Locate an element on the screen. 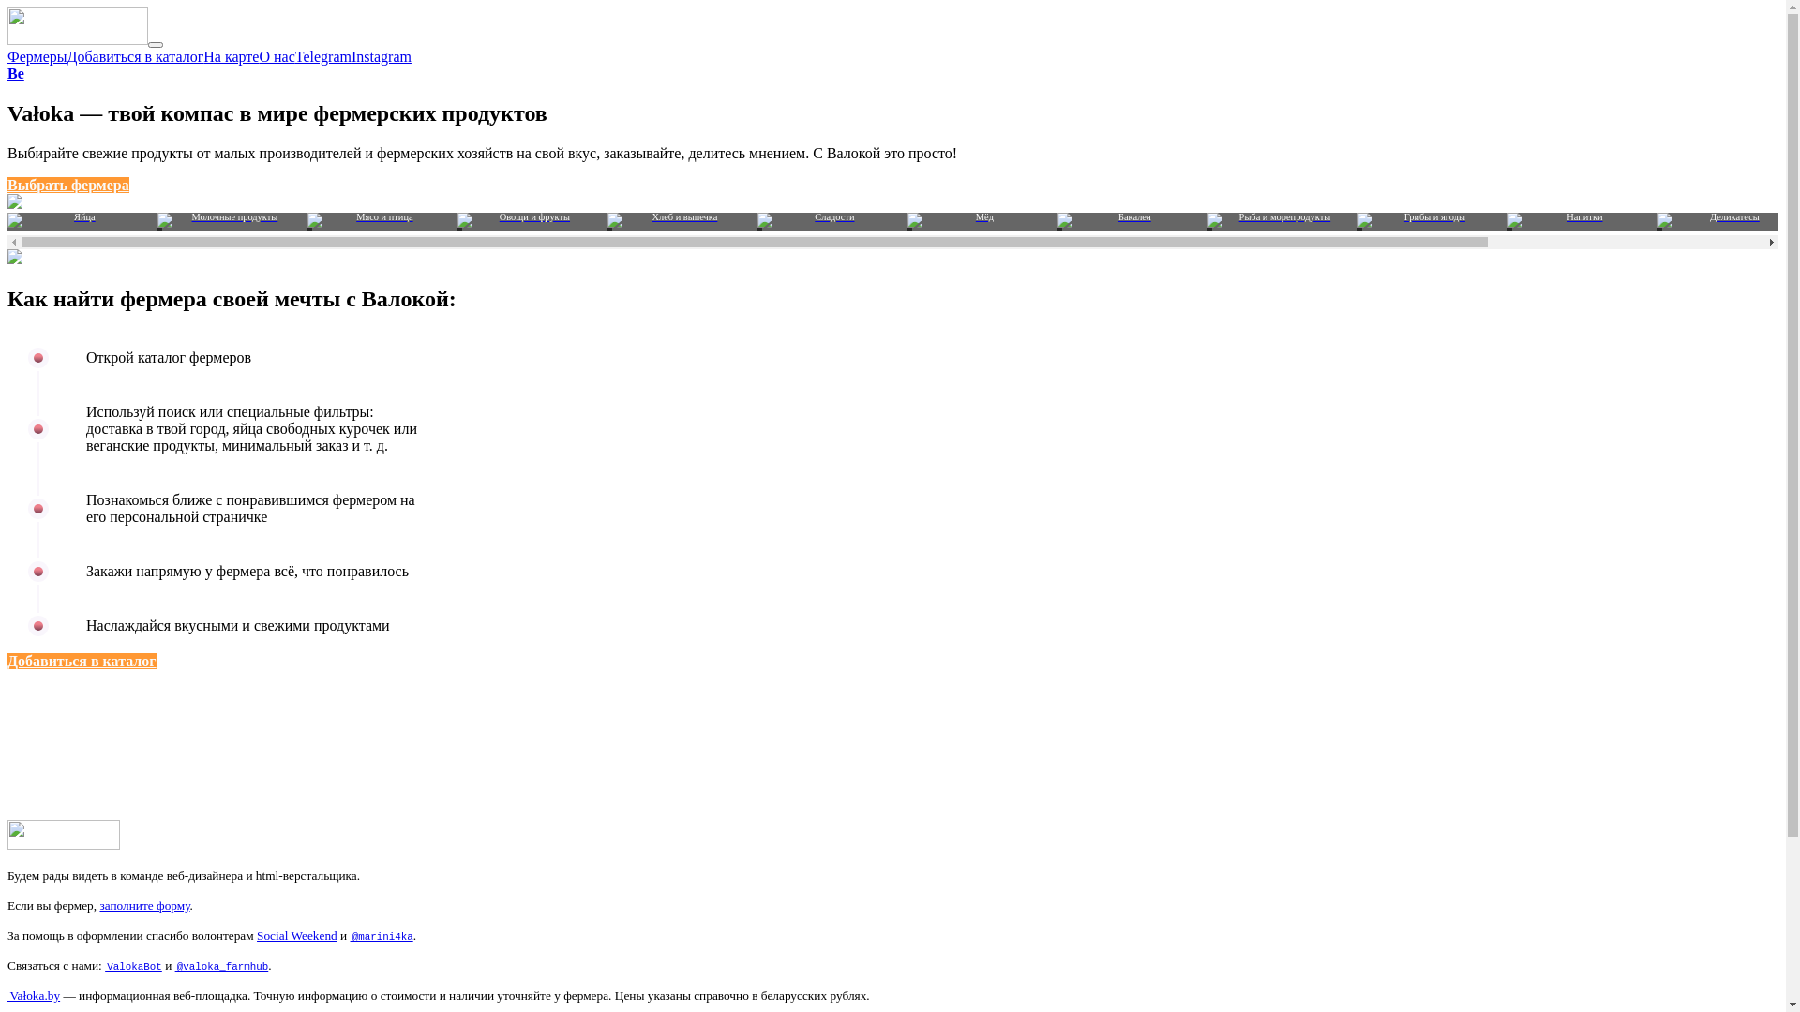 This screenshot has width=1800, height=1012. '@valoka_farmhub' is located at coordinates (175, 965).